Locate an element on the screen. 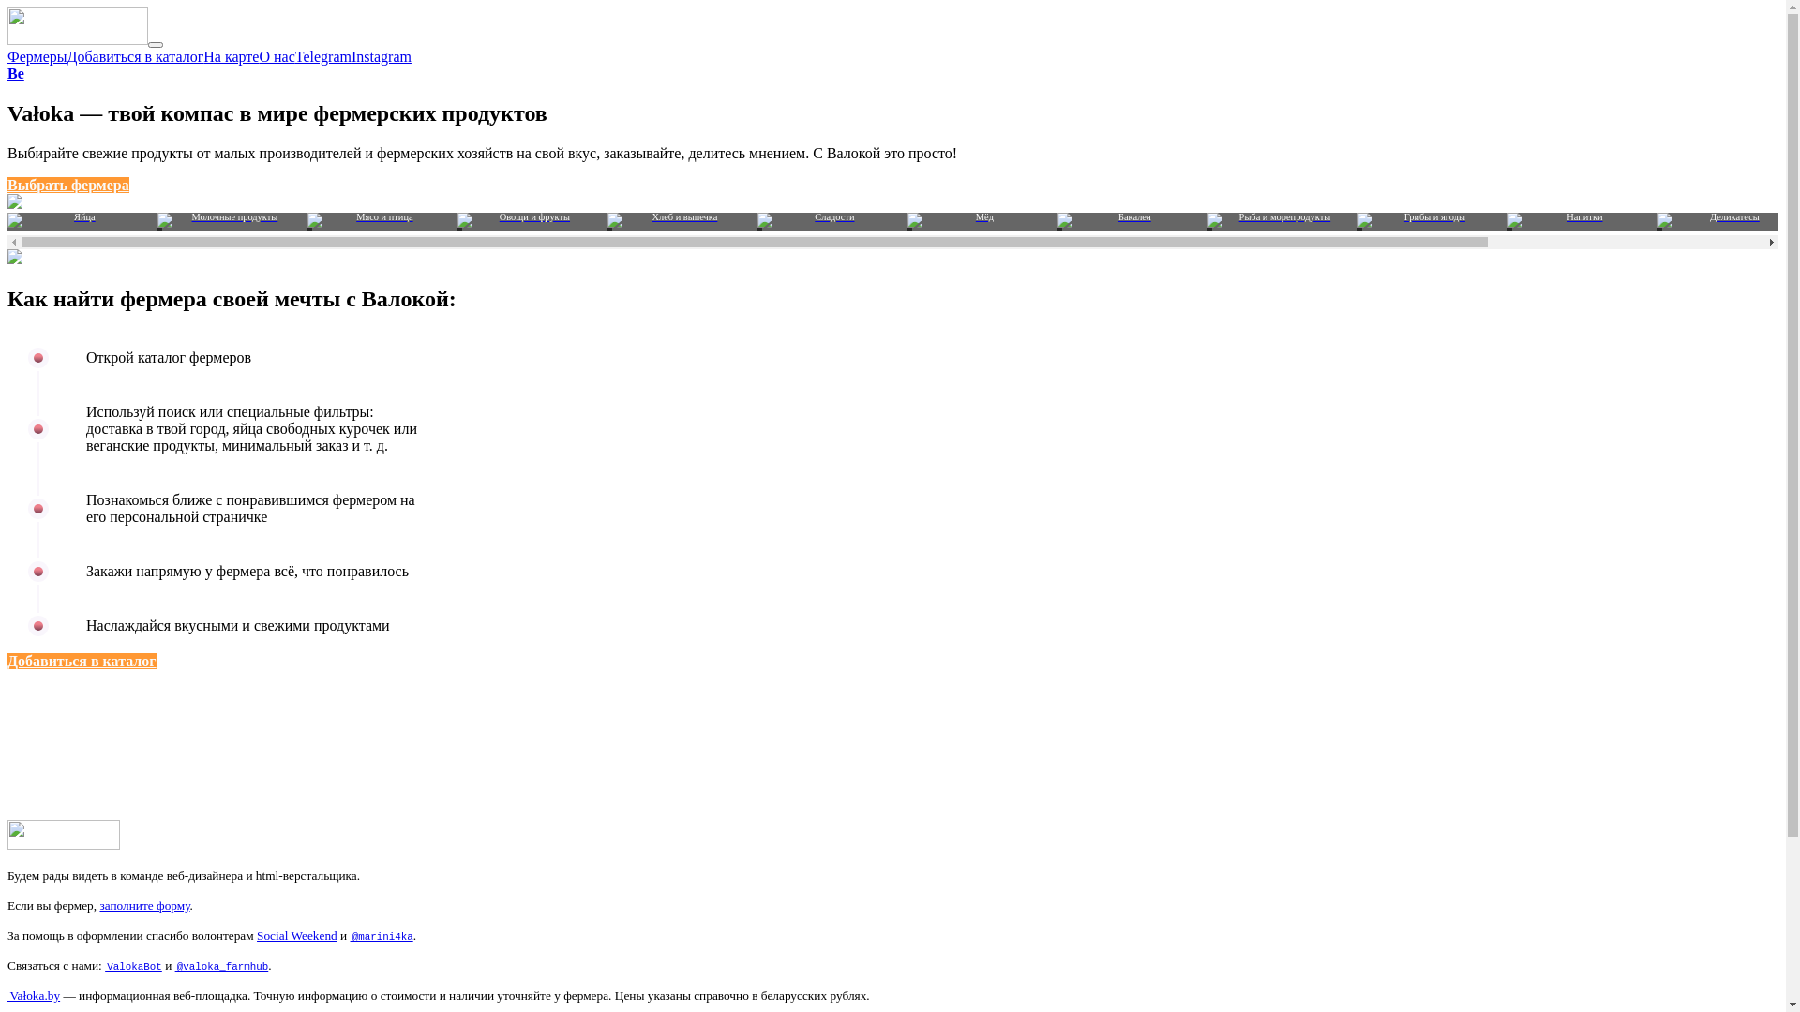 This screenshot has width=1800, height=1012. '@valoka_farmhub' is located at coordinates (175, 965).